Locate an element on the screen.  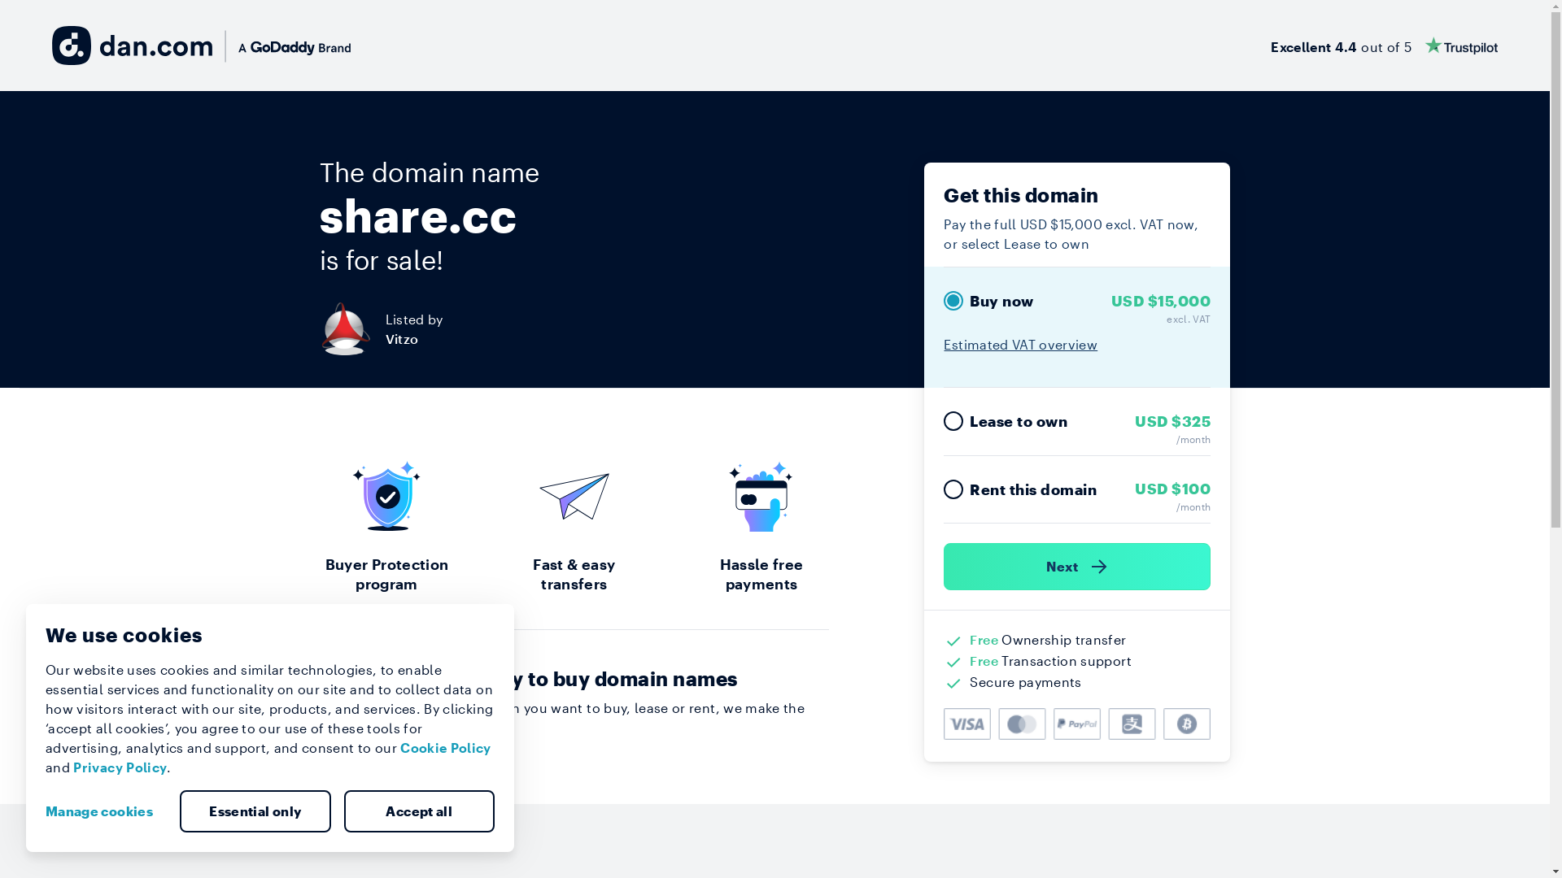
'Estimated VAT overview' is located at coordinates (1019, 343).